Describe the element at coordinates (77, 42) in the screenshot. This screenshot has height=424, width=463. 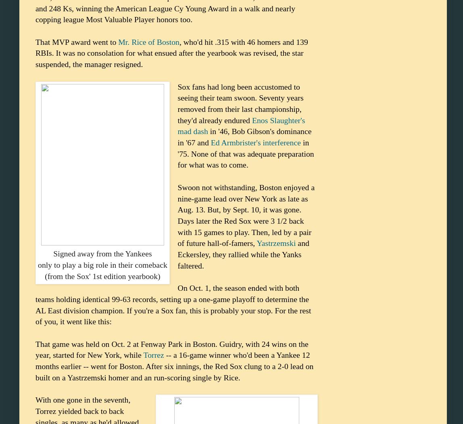
I see `'That MVP award went to'` at that location.